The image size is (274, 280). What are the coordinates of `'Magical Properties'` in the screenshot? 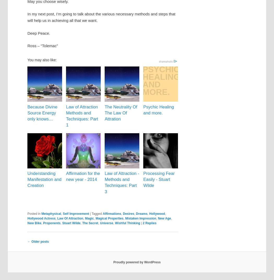 It's located at (109, 218).